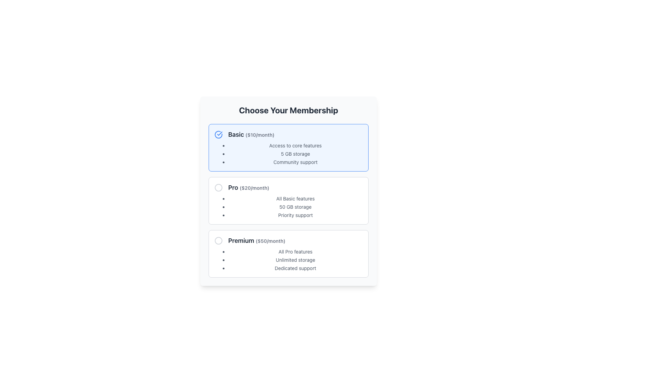 The width and height of the screenshot is (662, 372). Describe the element at coordinates (288, 207) in the screenshot. I see `the text list containing items: 'All Basic features', '50 GB storage', and 'Priority support', located within the 'Pro ($20/month)' option box` at that location.